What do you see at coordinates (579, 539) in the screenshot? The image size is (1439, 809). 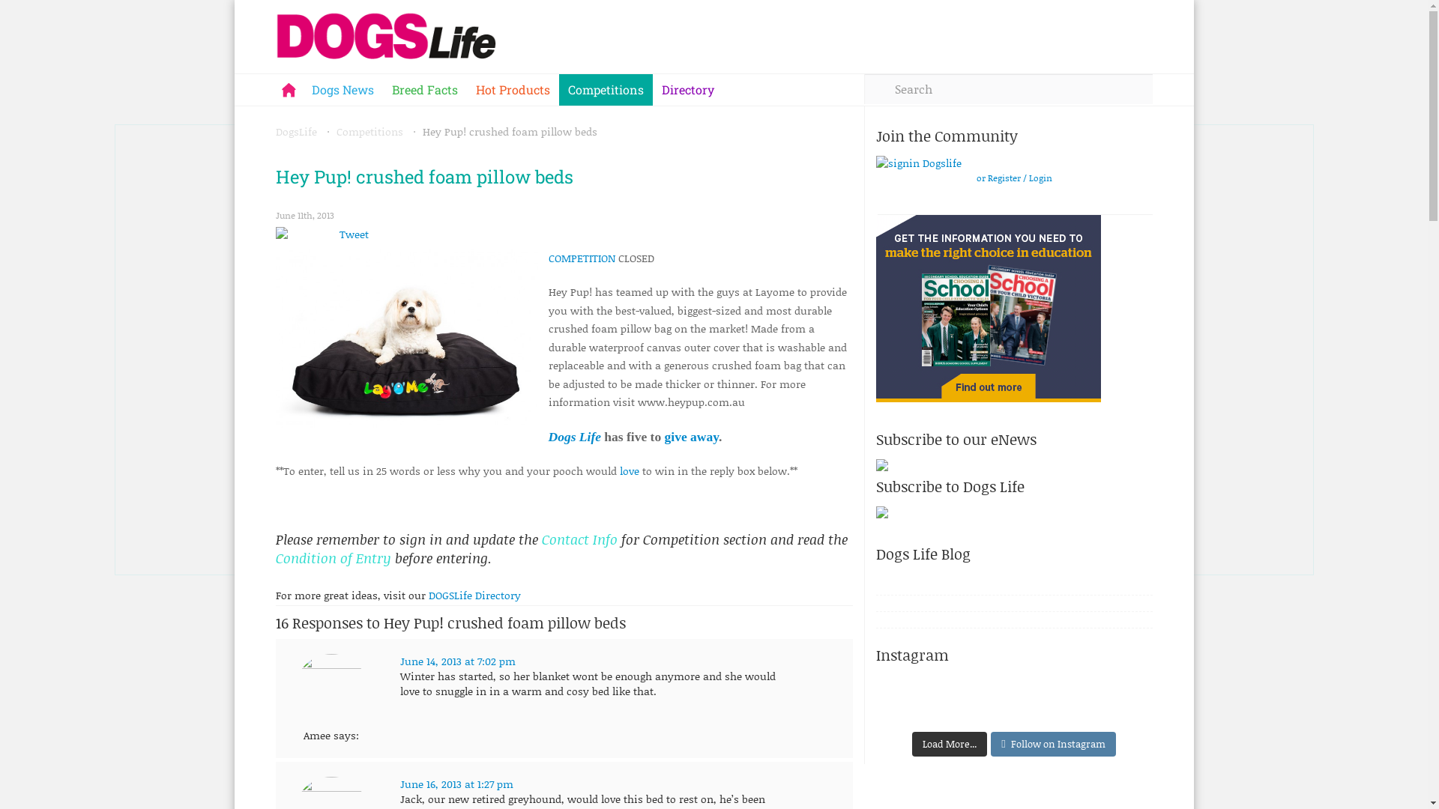 I see `'Contact Info'` at bounding box center [579, 539].